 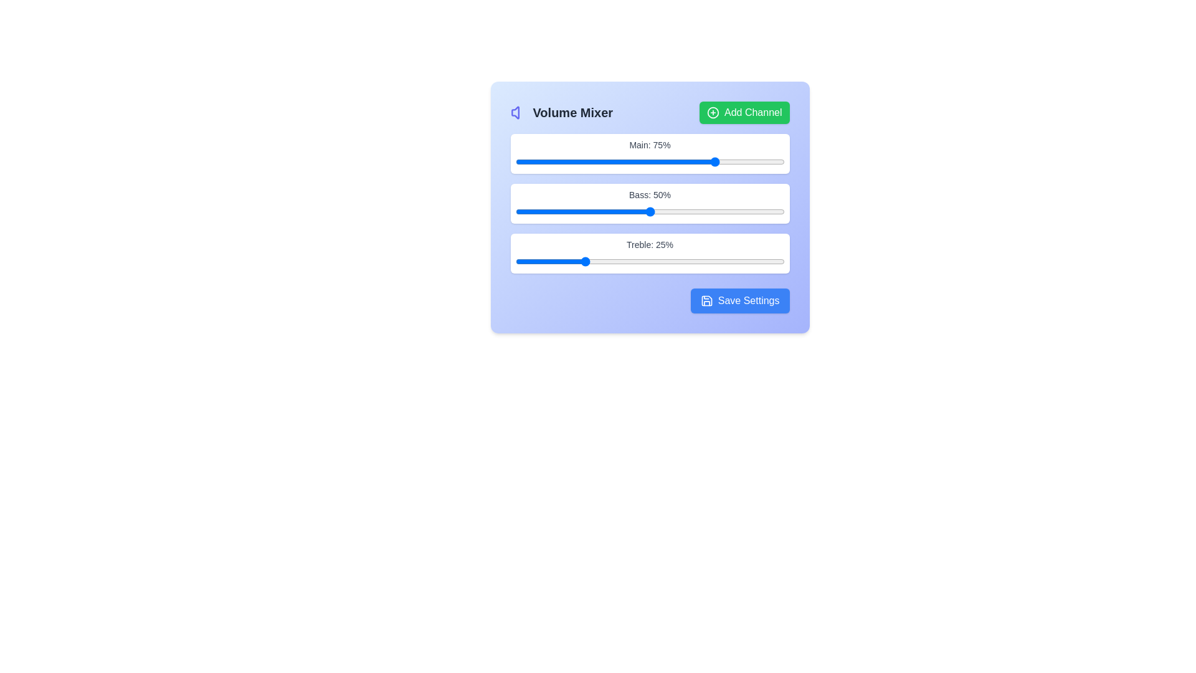 I want to click on the bass level, so click(x=601, y=211).